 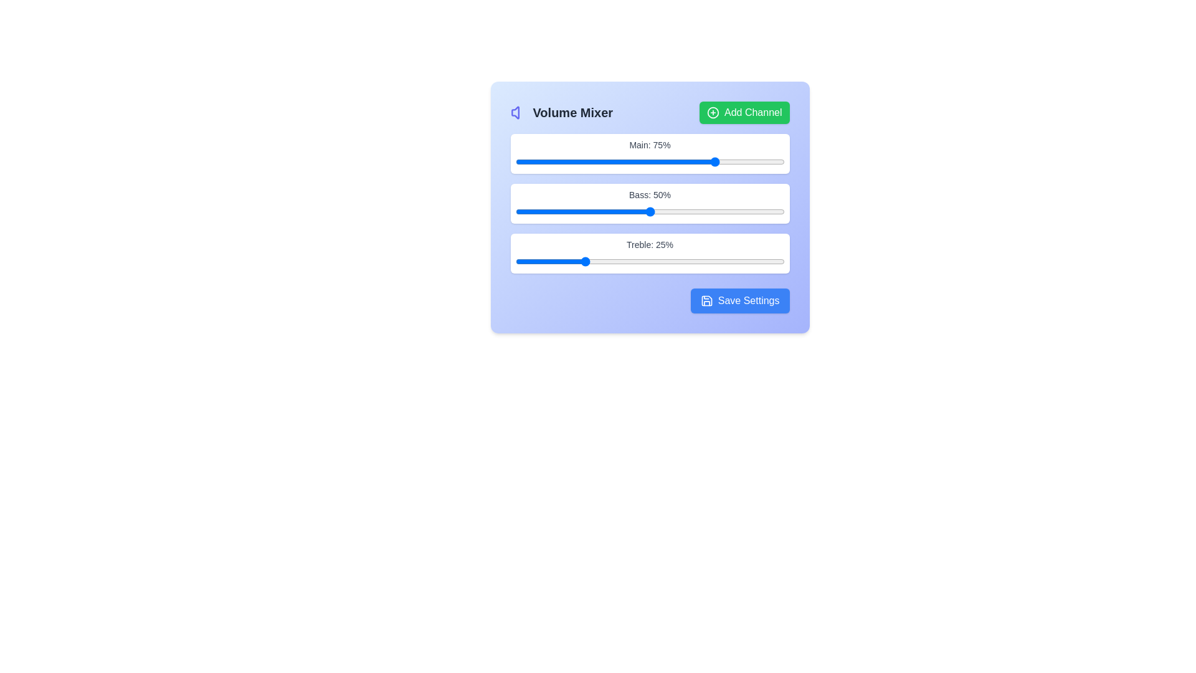 I want to click on the bass level, so click(x=601, y=211).